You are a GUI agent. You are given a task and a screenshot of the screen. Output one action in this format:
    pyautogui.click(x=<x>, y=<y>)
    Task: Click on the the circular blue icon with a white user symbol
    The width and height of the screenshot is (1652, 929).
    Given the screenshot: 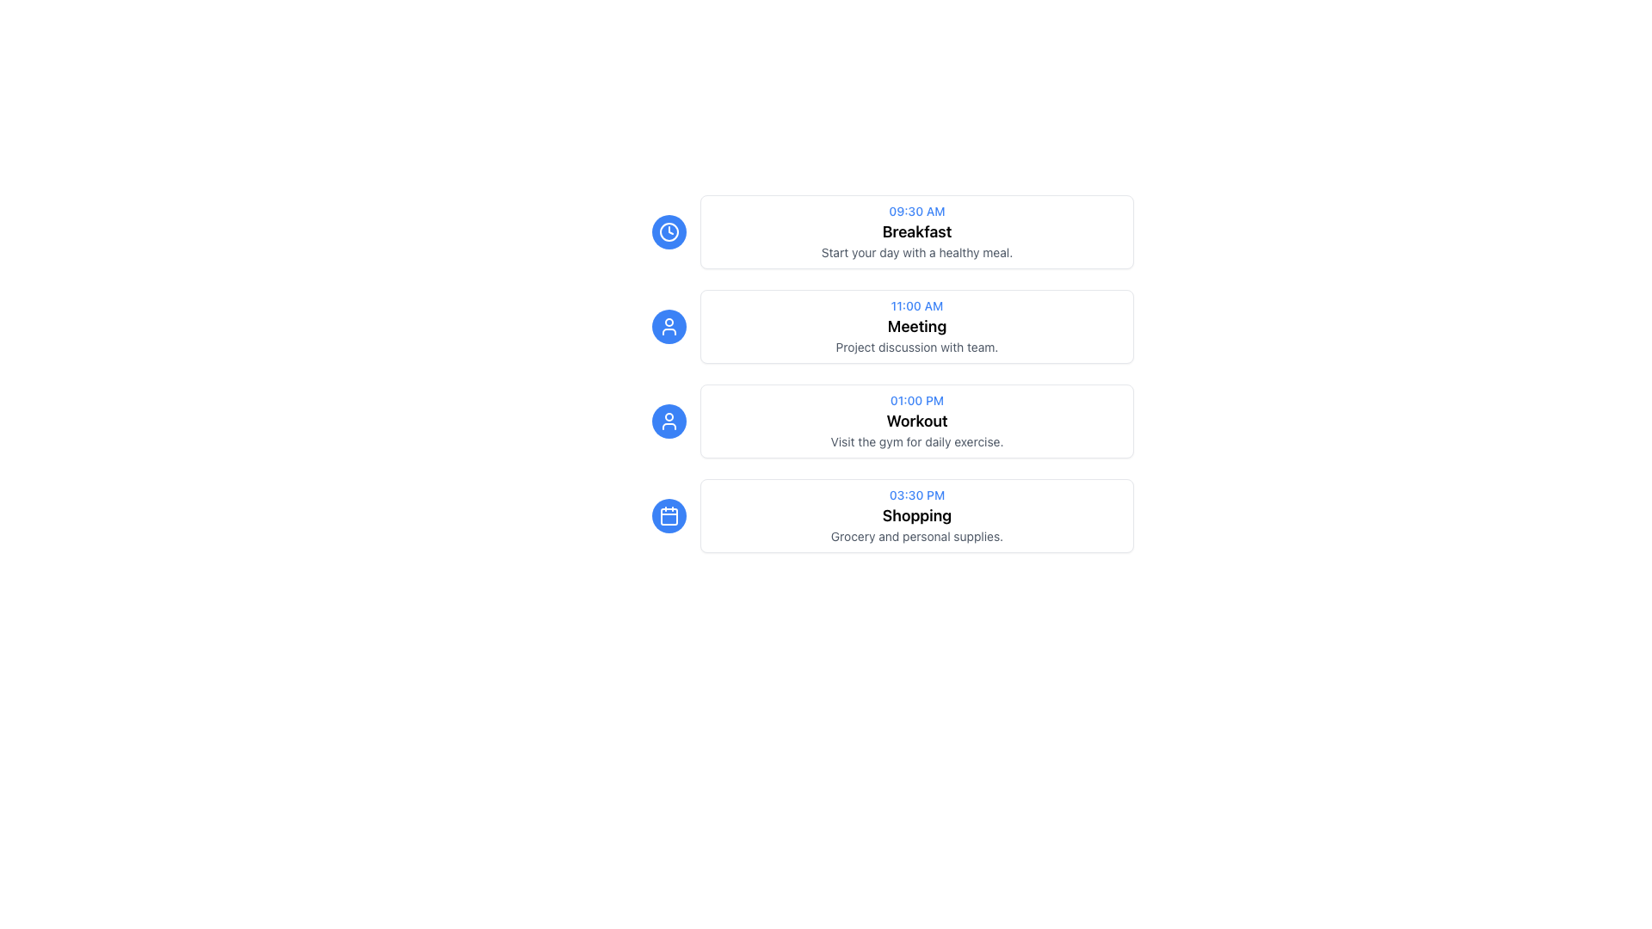 What is the action you would take?
    pyautogui.click(x=668, y=327)
    